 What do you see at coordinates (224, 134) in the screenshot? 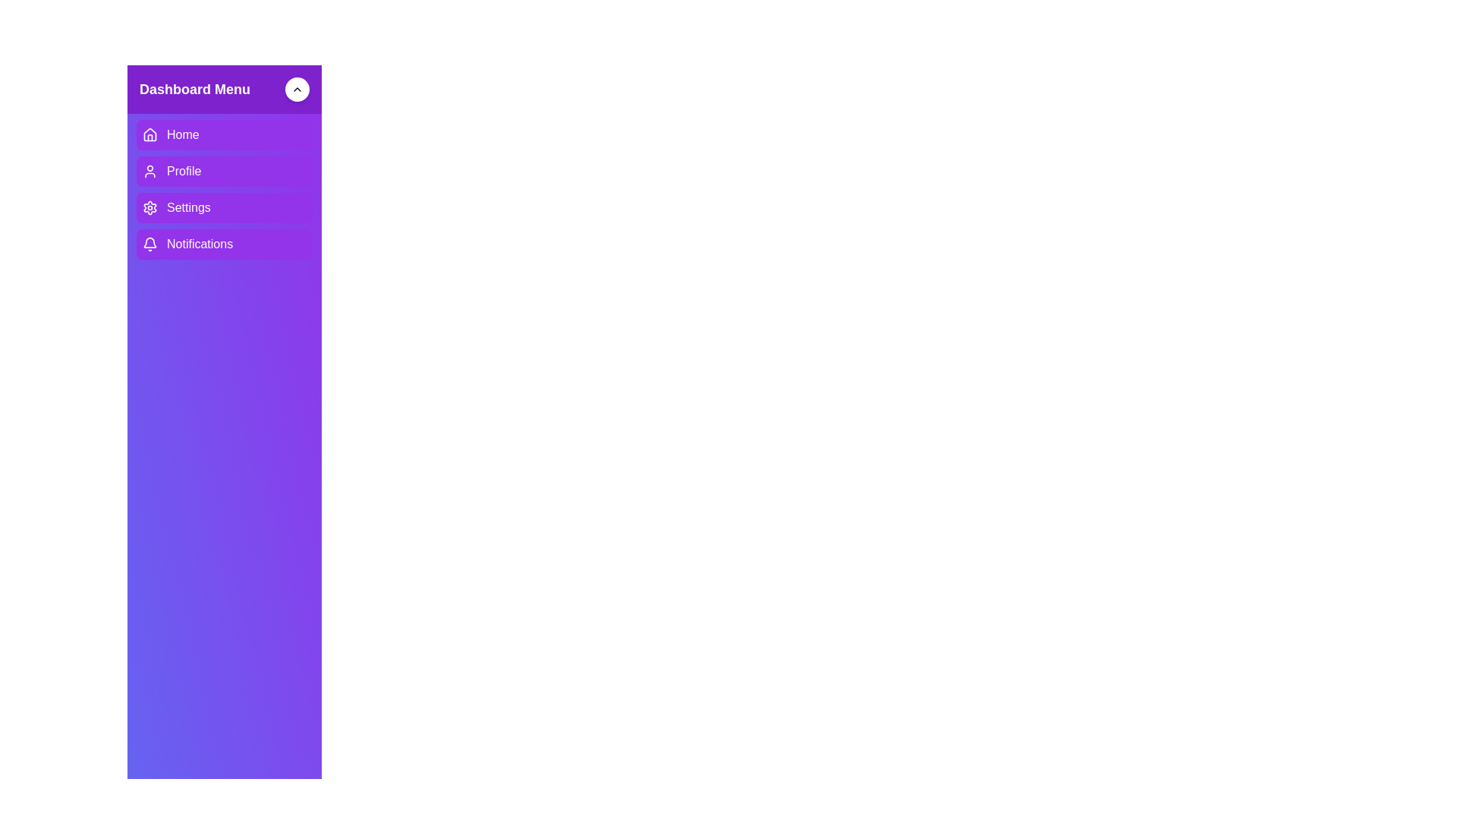
I see `the 'Home' navigational button located at the top of the vertical list menu` at bounding box center [224, 134].